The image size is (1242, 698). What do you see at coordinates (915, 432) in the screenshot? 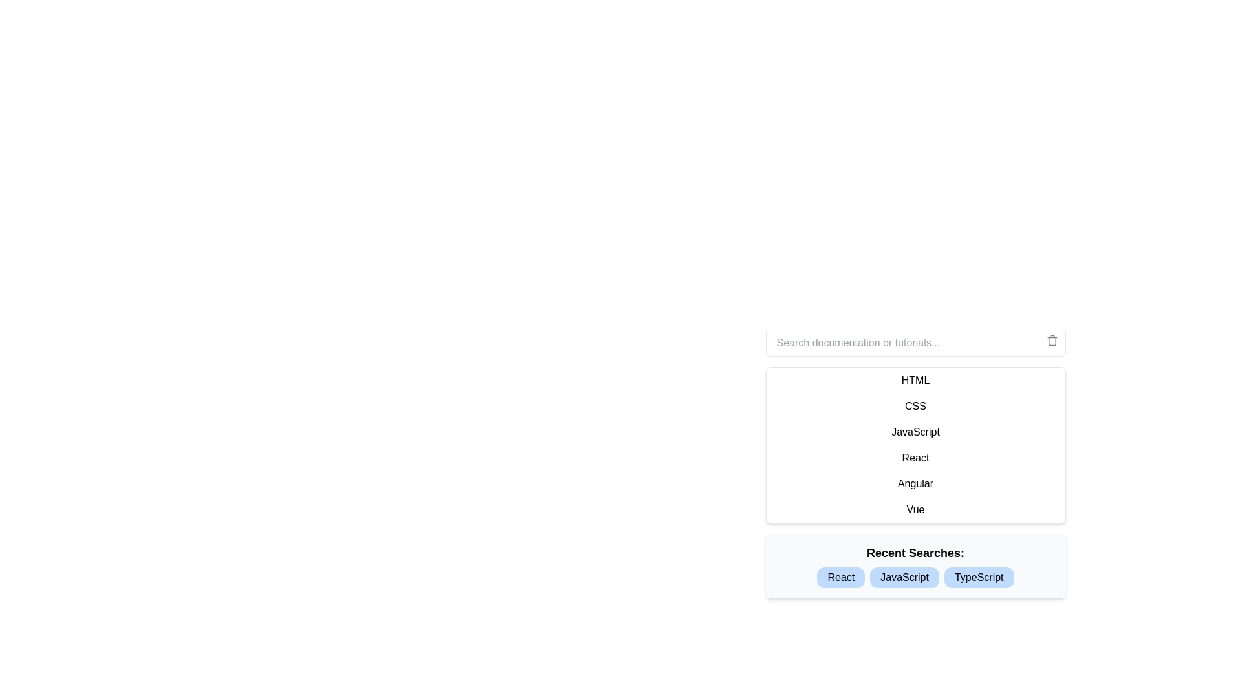
I see `to select the 'JavaScript' option from the dropdown list, which is the third item in a vertical list of selectable options` at bounding box center [915, 432].